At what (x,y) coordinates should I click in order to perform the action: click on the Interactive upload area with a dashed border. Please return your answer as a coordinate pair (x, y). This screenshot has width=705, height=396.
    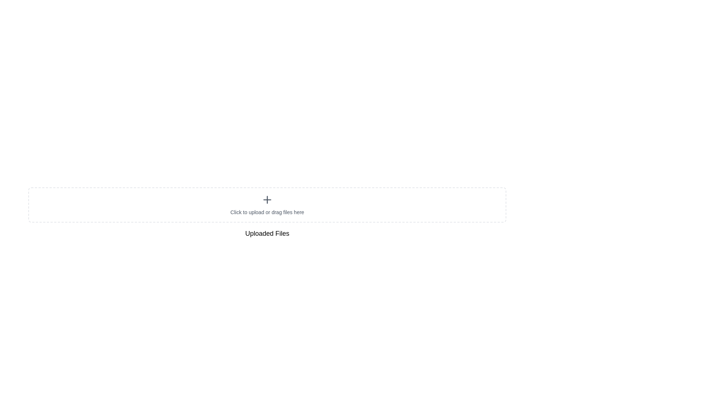
    Looking at the image, I should click on (267, 205).